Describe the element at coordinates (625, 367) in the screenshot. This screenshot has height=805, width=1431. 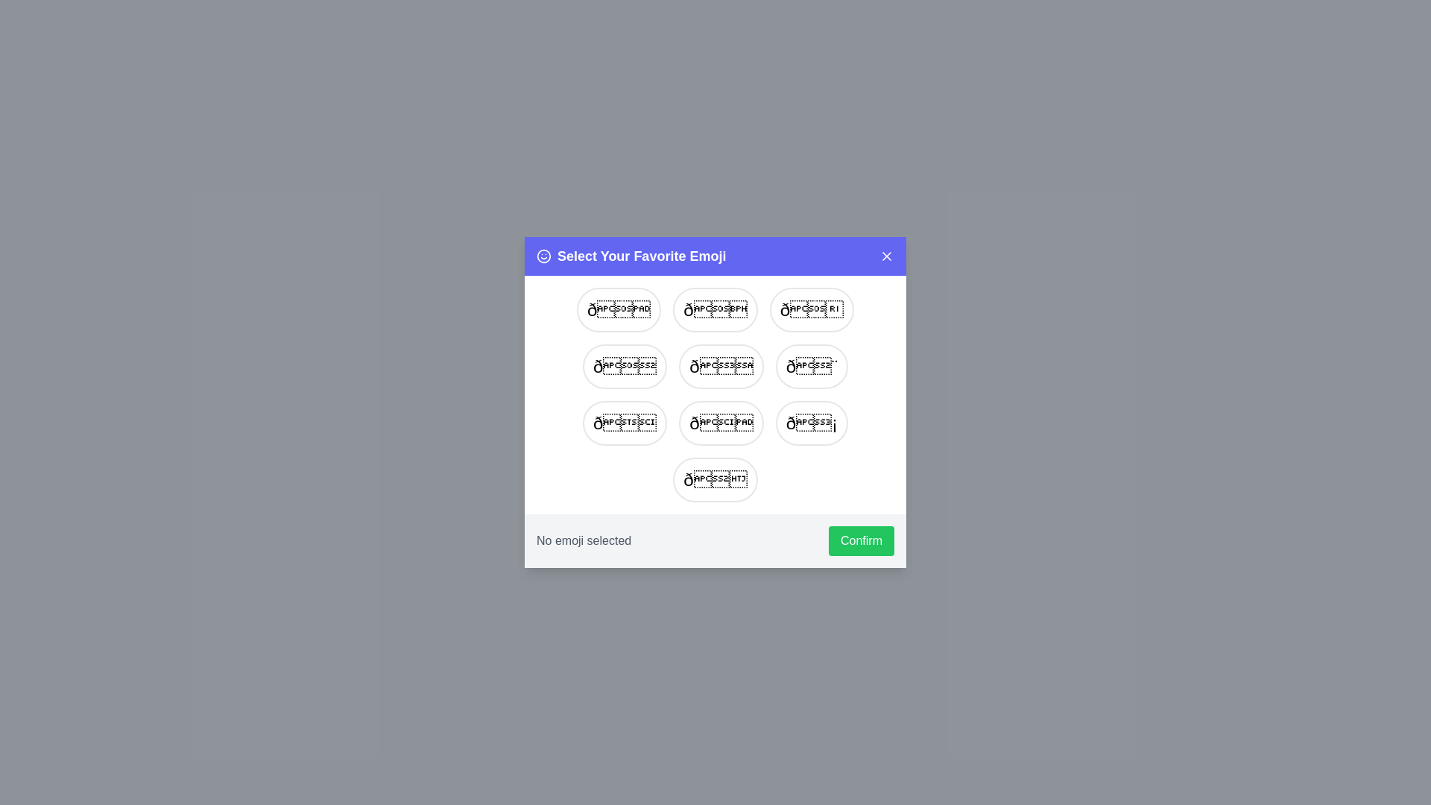
I see `the emoji 😎 from the list` at that location.